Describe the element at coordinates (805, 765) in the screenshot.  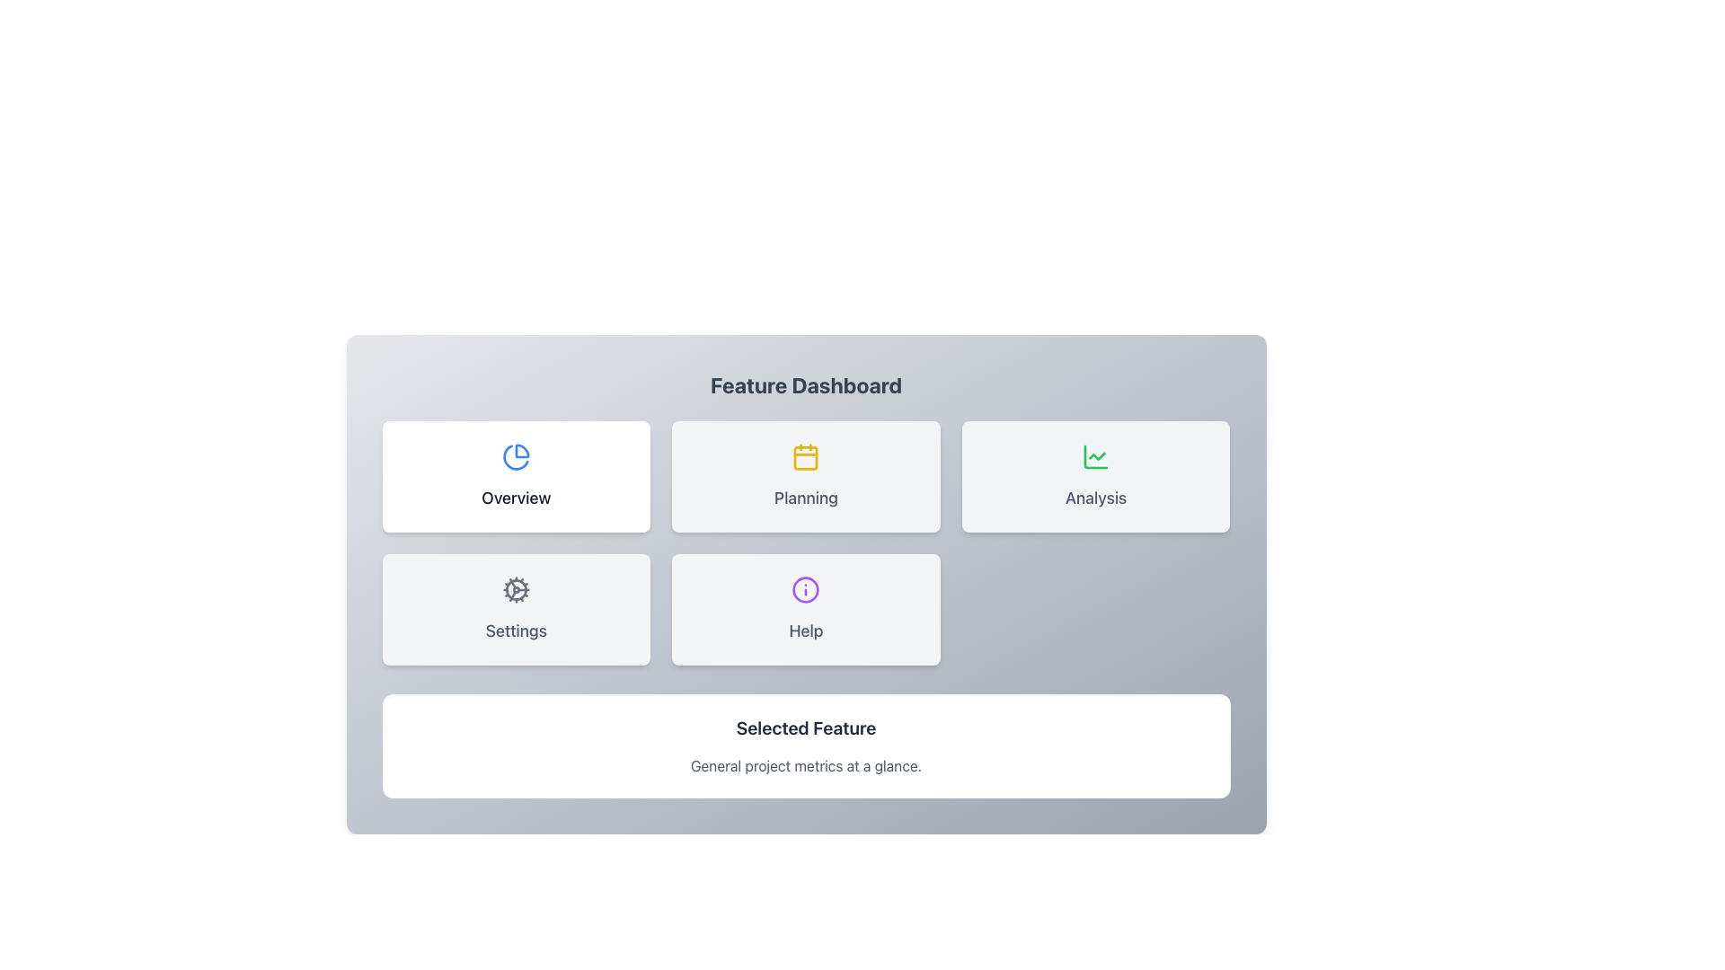
I see `the Text Label that provides a concise description about the 'Selected Feature', located within a white, rounded rectangle at the bottom section of the dashboard, below the text 'Selected Feature'` at that location.